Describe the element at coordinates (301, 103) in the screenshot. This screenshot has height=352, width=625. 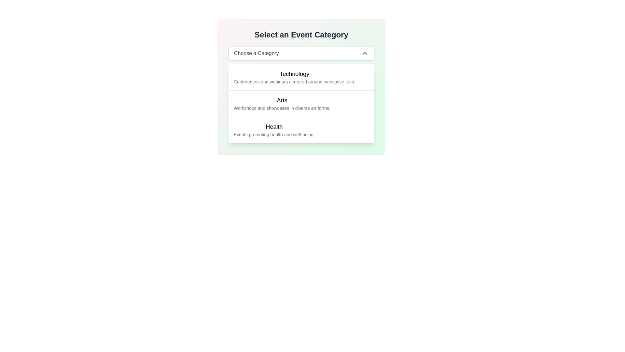
I see `the 'Arts' category list item, which is the second option in the event category selector, located below the 'Technology' option and above the 'Health' option` at that location.